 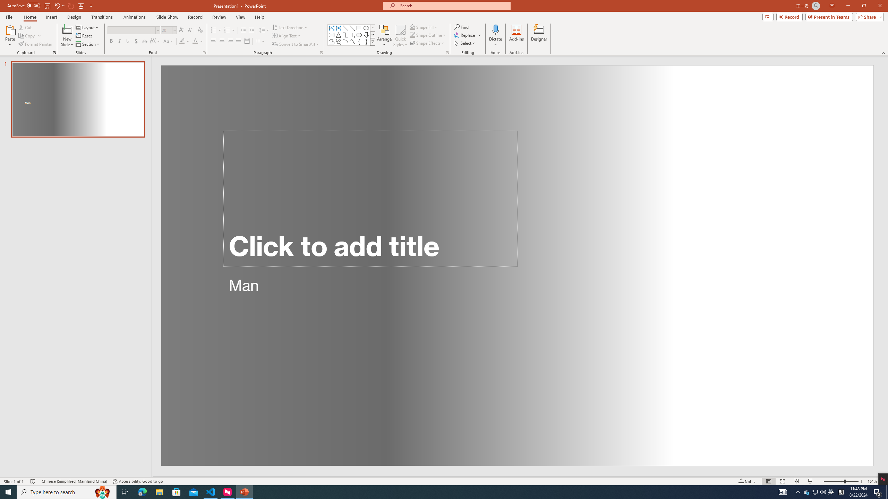 What do you see at coordinates (424, 27) in the screenshot?
I see `'Shape Fill'` at bounding box center [424, 27].